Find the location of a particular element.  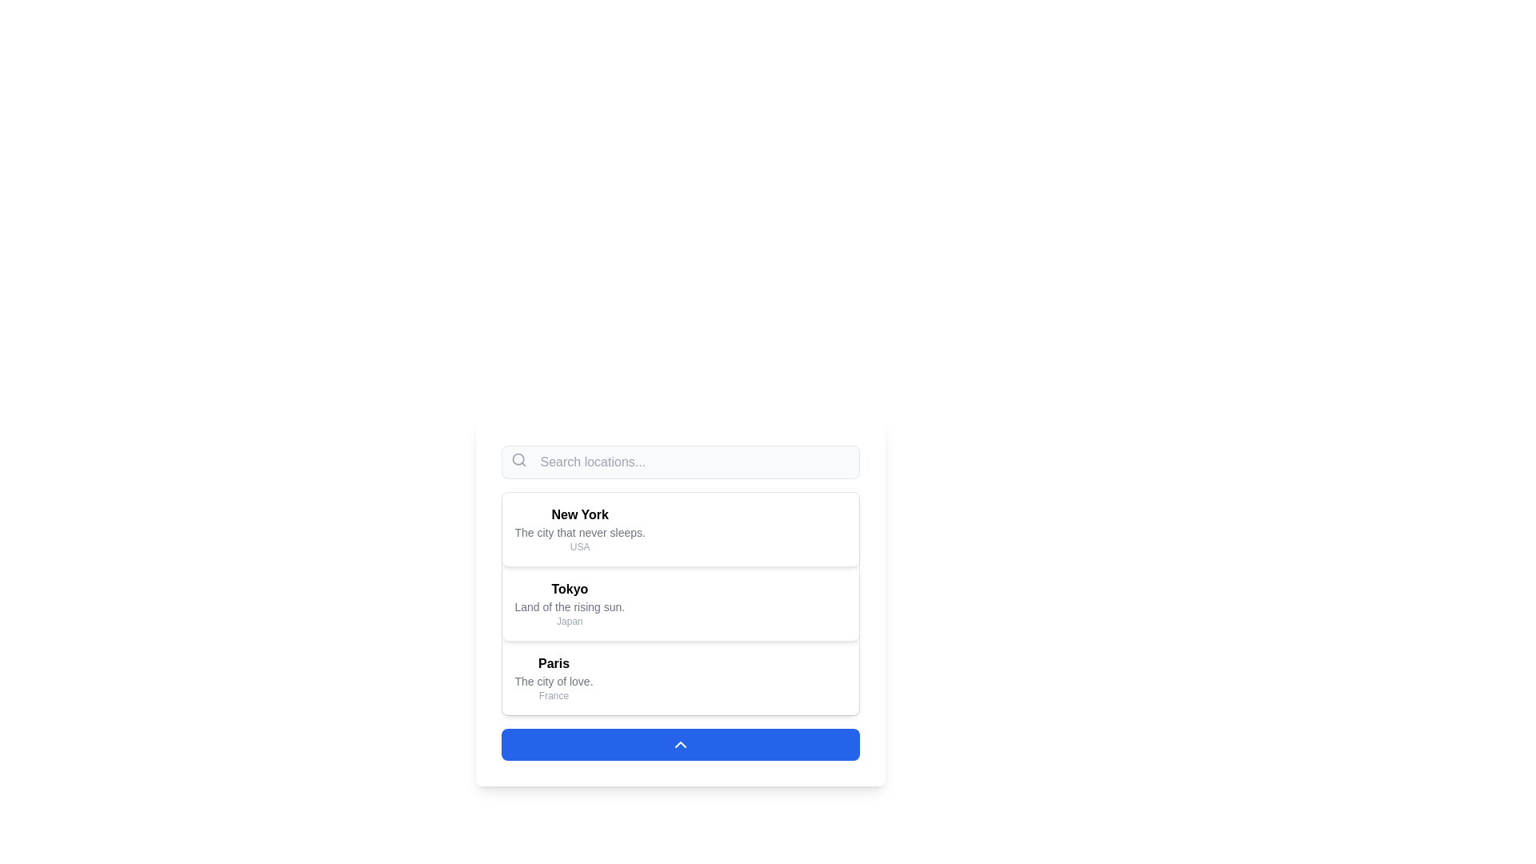

the Text Label containing the text 'The city of love.' styled in a smaller gray font, which is located directly below the bold 'Paris' text is located at coordinates (554, 682).